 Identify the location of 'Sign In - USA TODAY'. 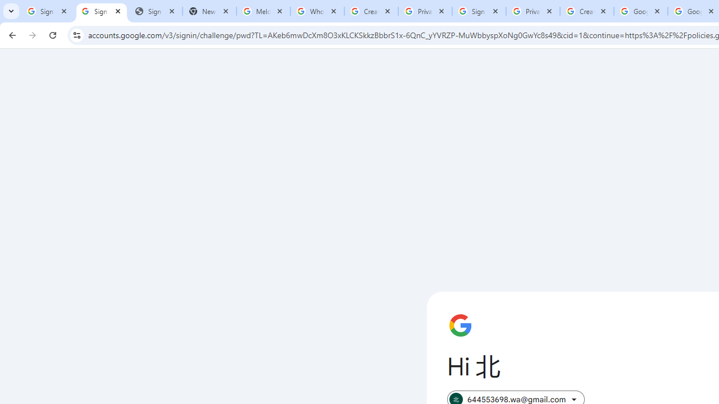
(155, 11).